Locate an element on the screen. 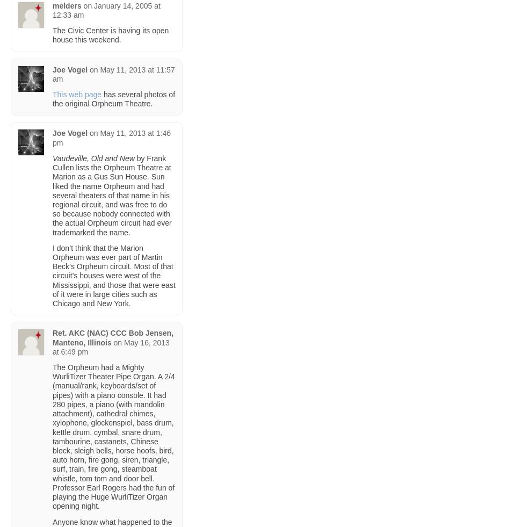  'I don’t think that the Marion Orpheum was ever part of Martin Beck’s Orpheum circuit. Most of that circuit’s houses were west of the Mississippi, and those that were east of it were in large cities such as Chicago and New York.' is located at coordinates (113, 275).